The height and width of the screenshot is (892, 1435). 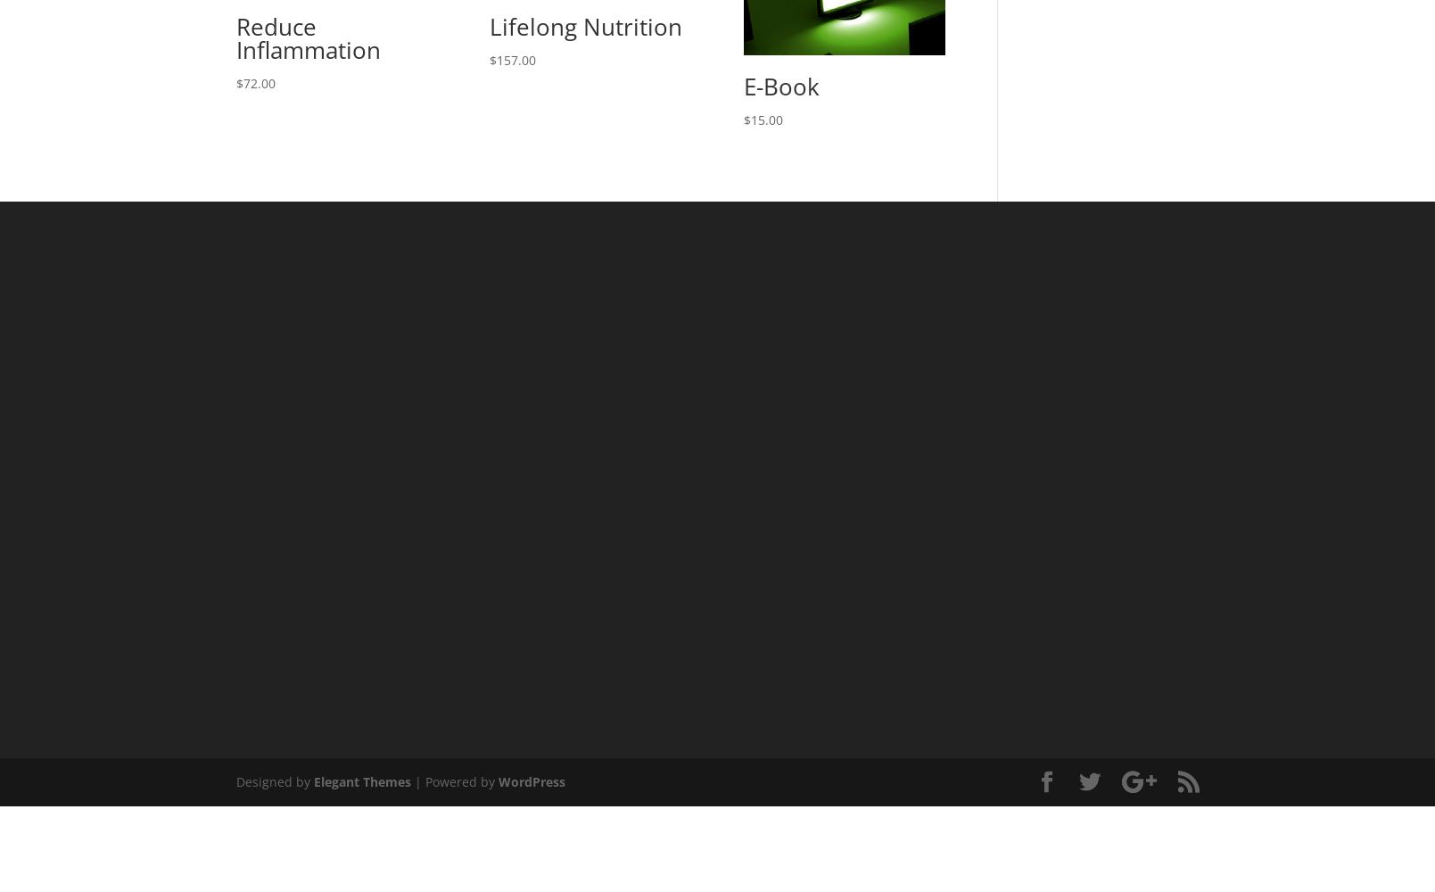 I want to click on 'Designed by', so click(x=273, y=781).